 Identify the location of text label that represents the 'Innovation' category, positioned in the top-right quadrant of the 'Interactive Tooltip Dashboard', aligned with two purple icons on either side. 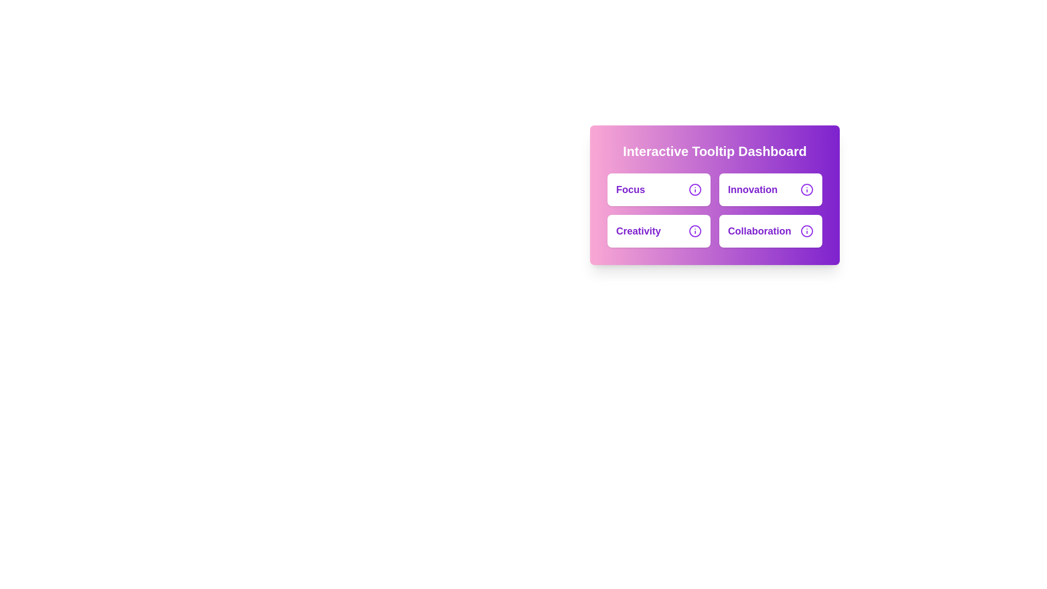
(752, 189).